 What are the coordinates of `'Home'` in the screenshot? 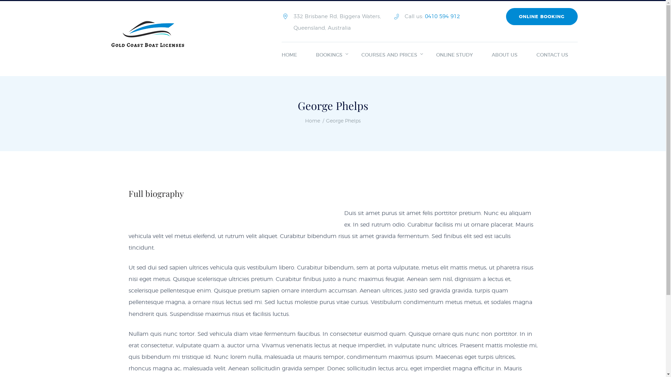 It's located at (312, 121).